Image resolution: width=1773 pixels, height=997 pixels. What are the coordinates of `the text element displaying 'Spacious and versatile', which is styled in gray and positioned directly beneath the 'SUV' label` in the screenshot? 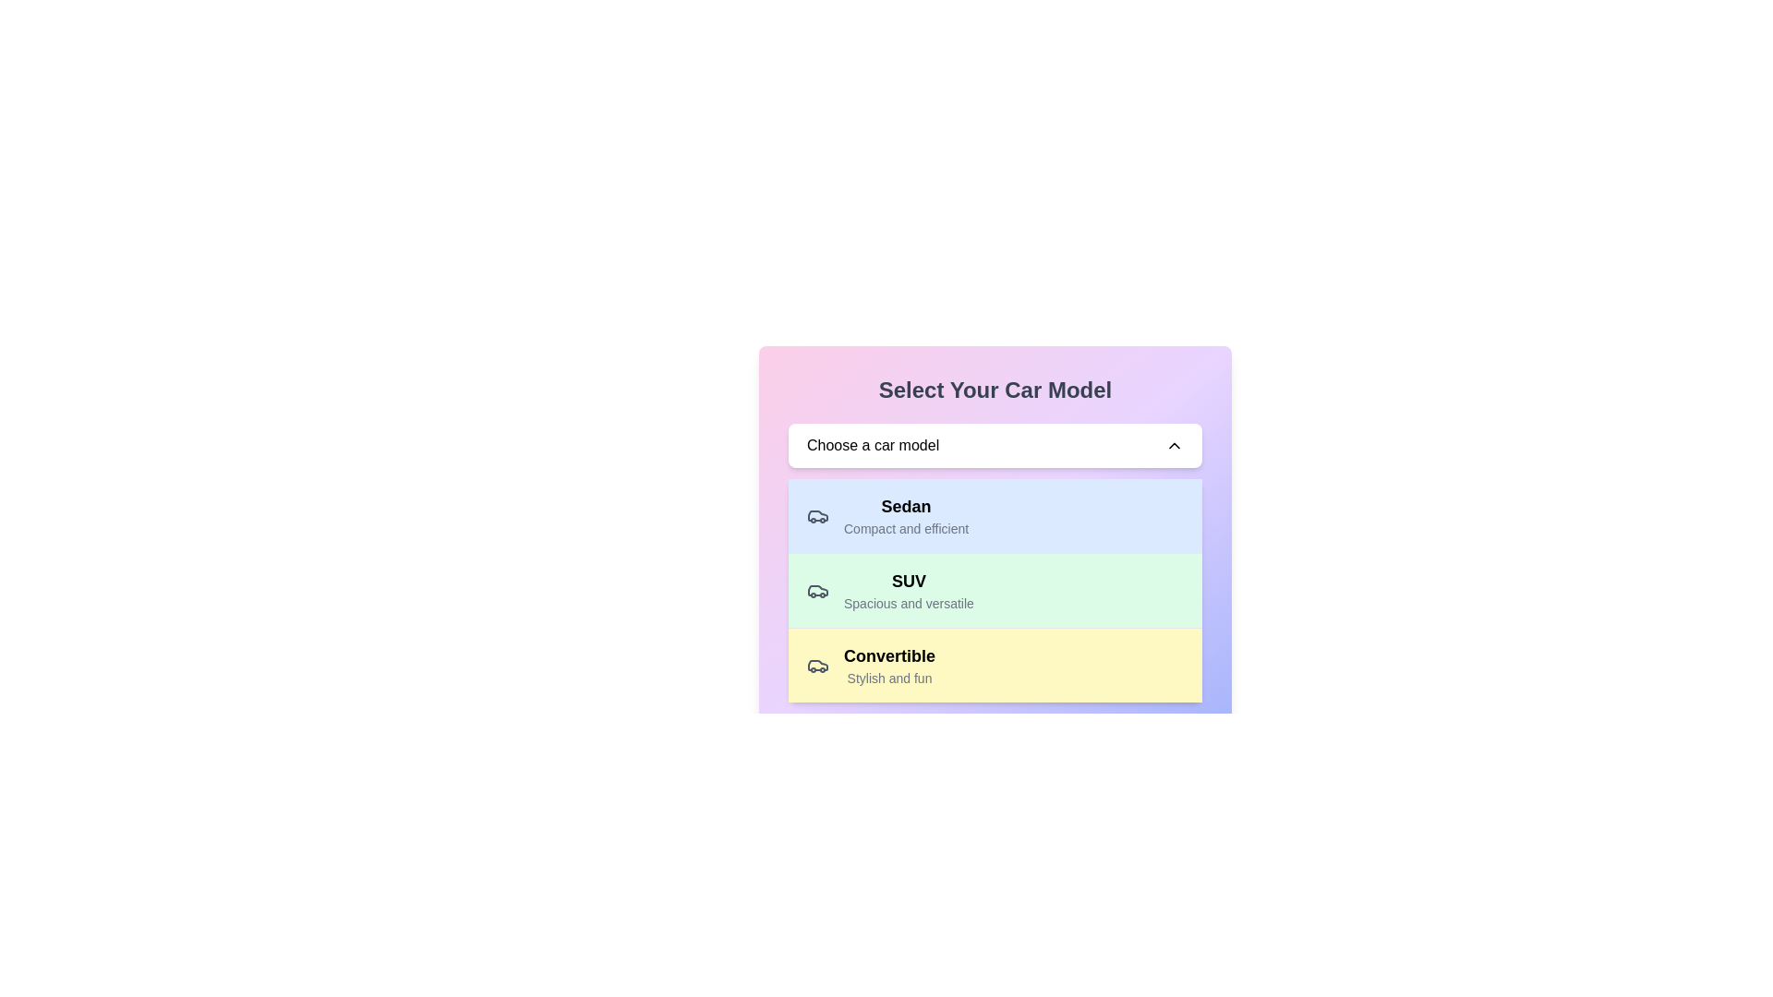 It's located at (909, 604).